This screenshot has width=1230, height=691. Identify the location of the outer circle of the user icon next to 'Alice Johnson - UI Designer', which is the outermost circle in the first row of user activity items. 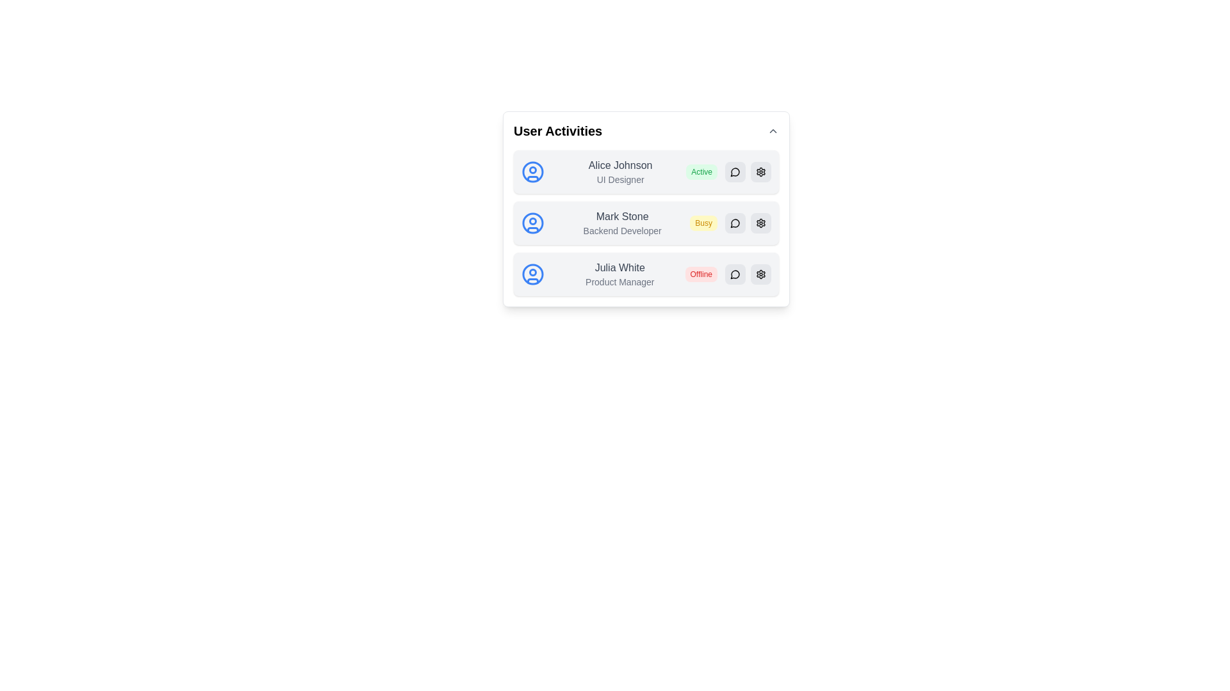
(532, 171).